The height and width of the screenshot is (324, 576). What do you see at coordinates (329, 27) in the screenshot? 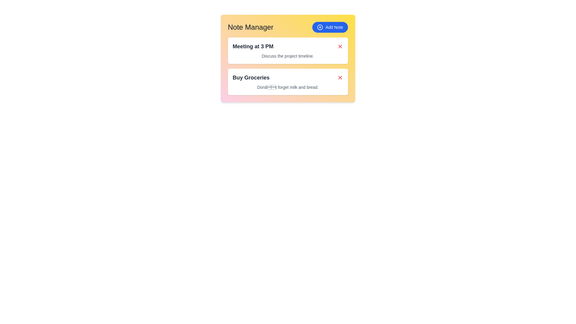
I see `the 'Add Note' button to add a new note` at bounding box center [329, 27].